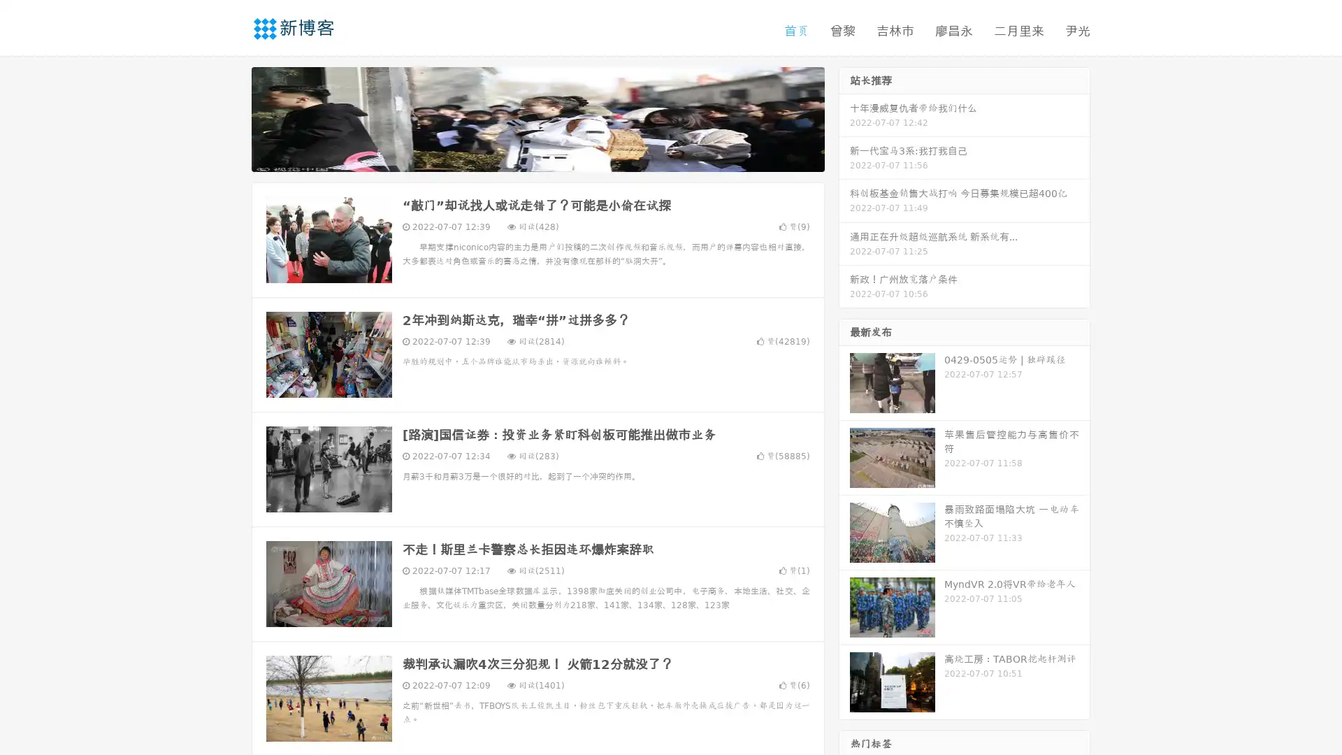  What do you see at coordinates (844, 117) in the screenshot?
I see `Next slide` at bounding box center [844, 117].